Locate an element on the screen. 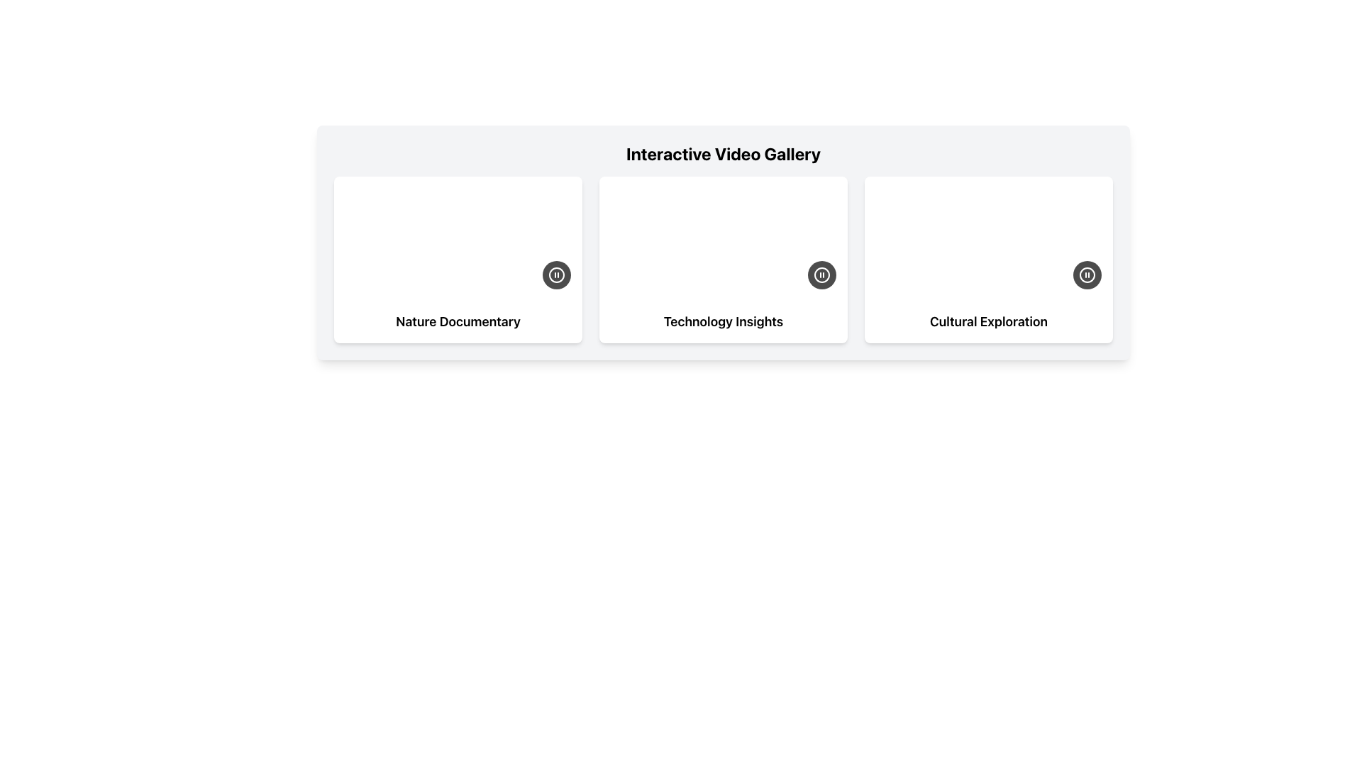 Image resolution: width=1362 pixels, height=766 pixels. the Text Header or Card Title element that indicates 'Technology Insights', located at the center of the grid layout between 'Nature Documentary' and 'Cultural Exploration' is located at coordinates (723, 322).